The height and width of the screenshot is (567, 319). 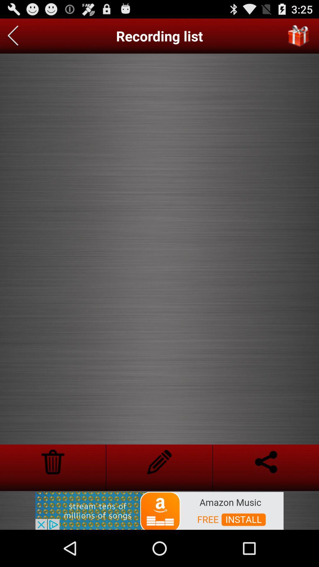 I want to click on edit, so click(x=159, y=462).